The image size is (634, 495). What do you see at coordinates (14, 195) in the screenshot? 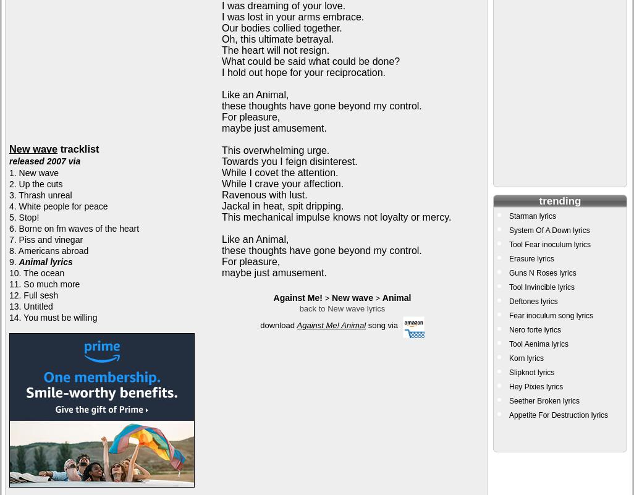
I see `'3.'` at bounding box center [14, 195].